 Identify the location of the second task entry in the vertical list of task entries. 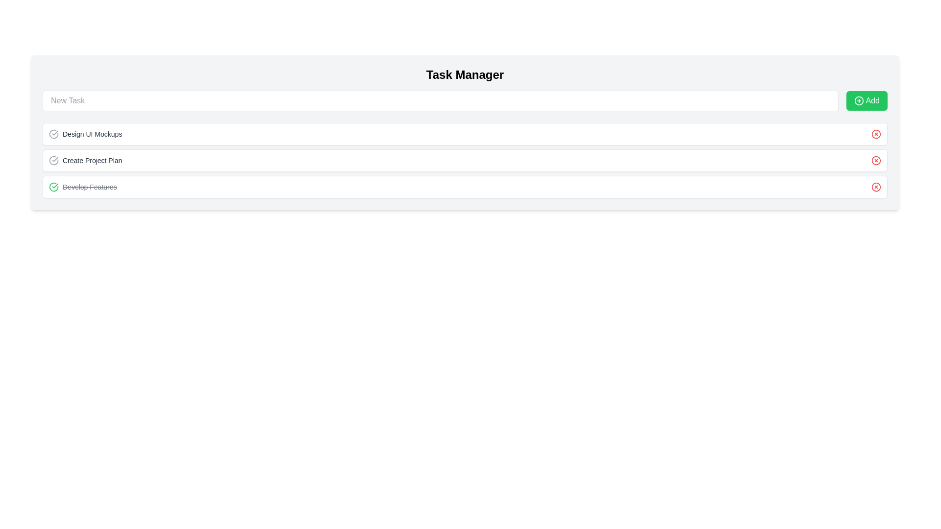
(85, 160).